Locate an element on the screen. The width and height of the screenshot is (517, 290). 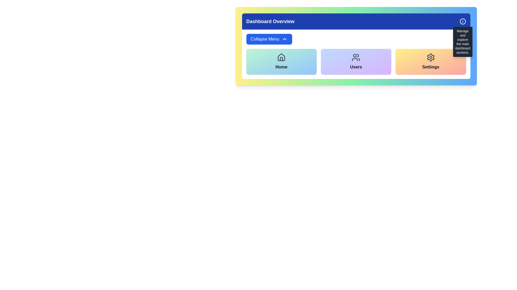
the Tooltip that provides additional information about the information icon located in the top-right corner of the dashboard header is located at coordinates (462, 41).